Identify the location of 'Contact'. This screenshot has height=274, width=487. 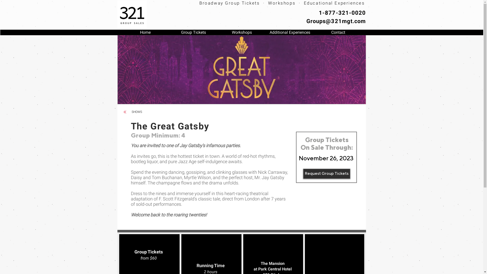
(338, 34).